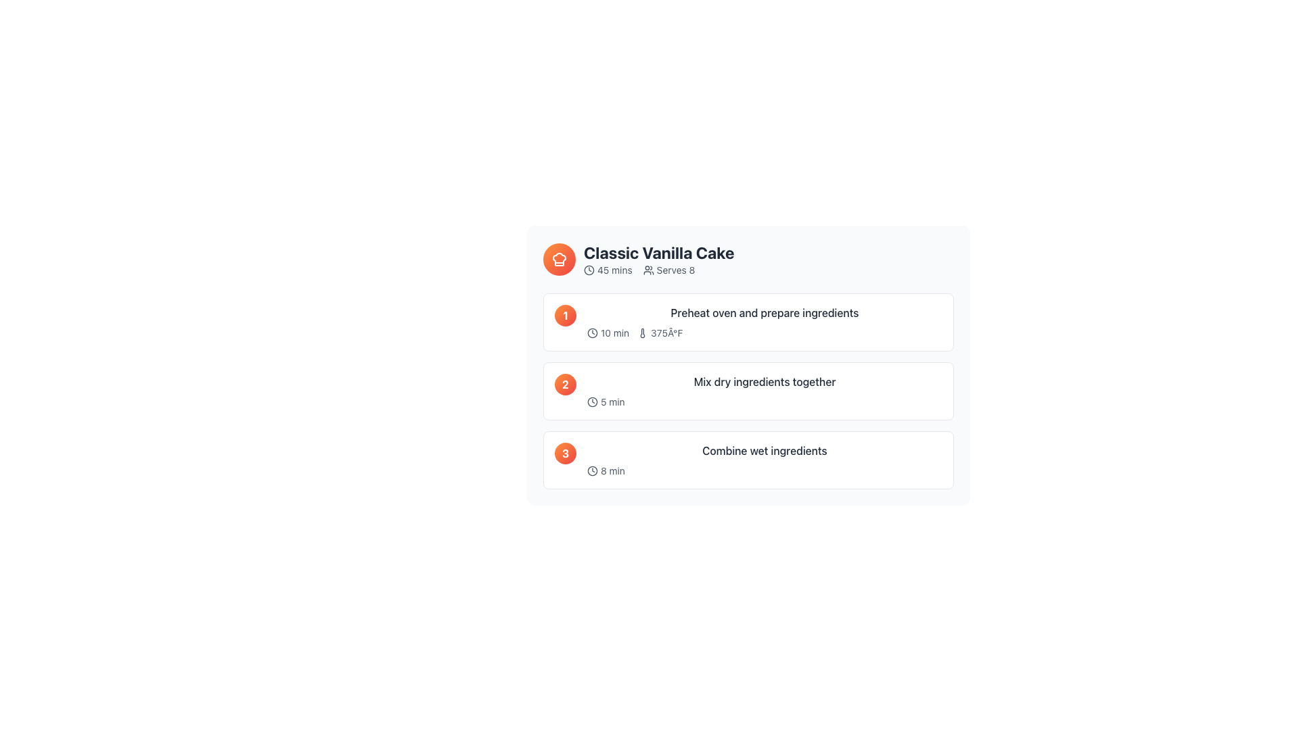 The width and height of the screenshot is (1299, 730). What do you see at coordinates (638, 260) in the screenshot?
I see `the Recipe Header Block, which displays the recipe name, preparation time, and serving size, located near the top-left corner of the display` at bounding box center [638, 260].